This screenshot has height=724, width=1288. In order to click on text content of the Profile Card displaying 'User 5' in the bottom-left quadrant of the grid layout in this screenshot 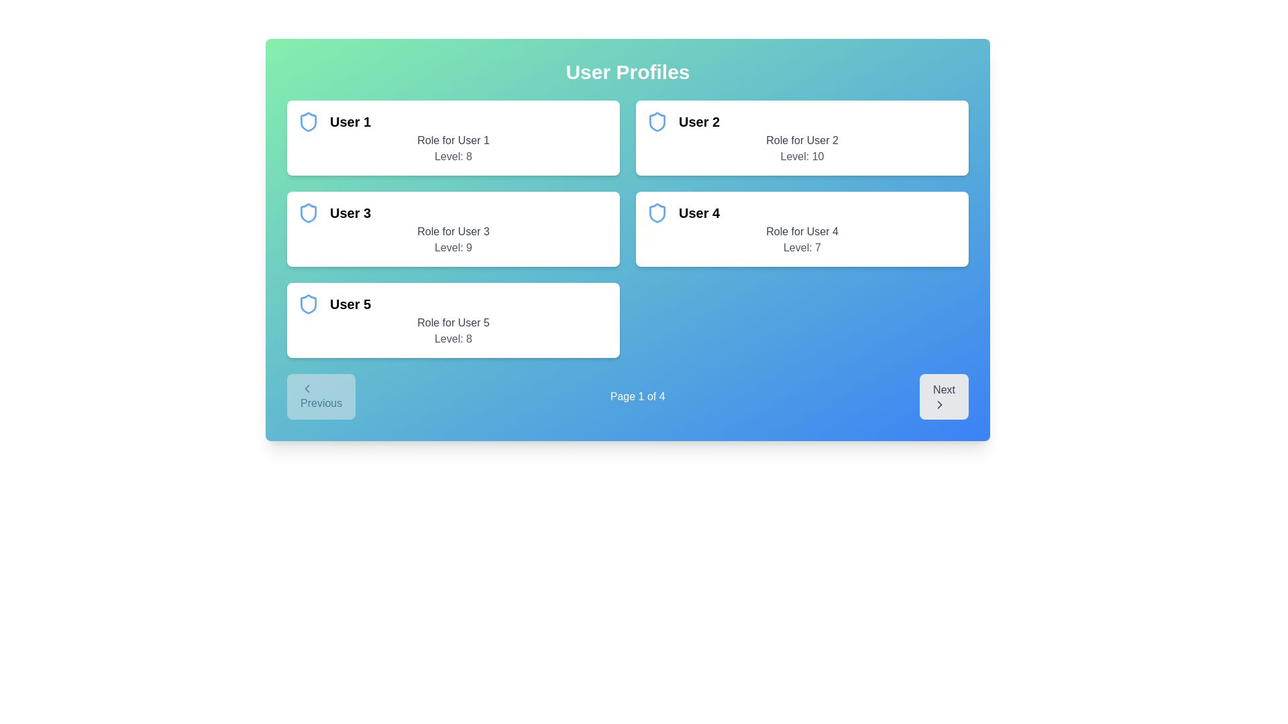, I will do `click(453, 320)`.